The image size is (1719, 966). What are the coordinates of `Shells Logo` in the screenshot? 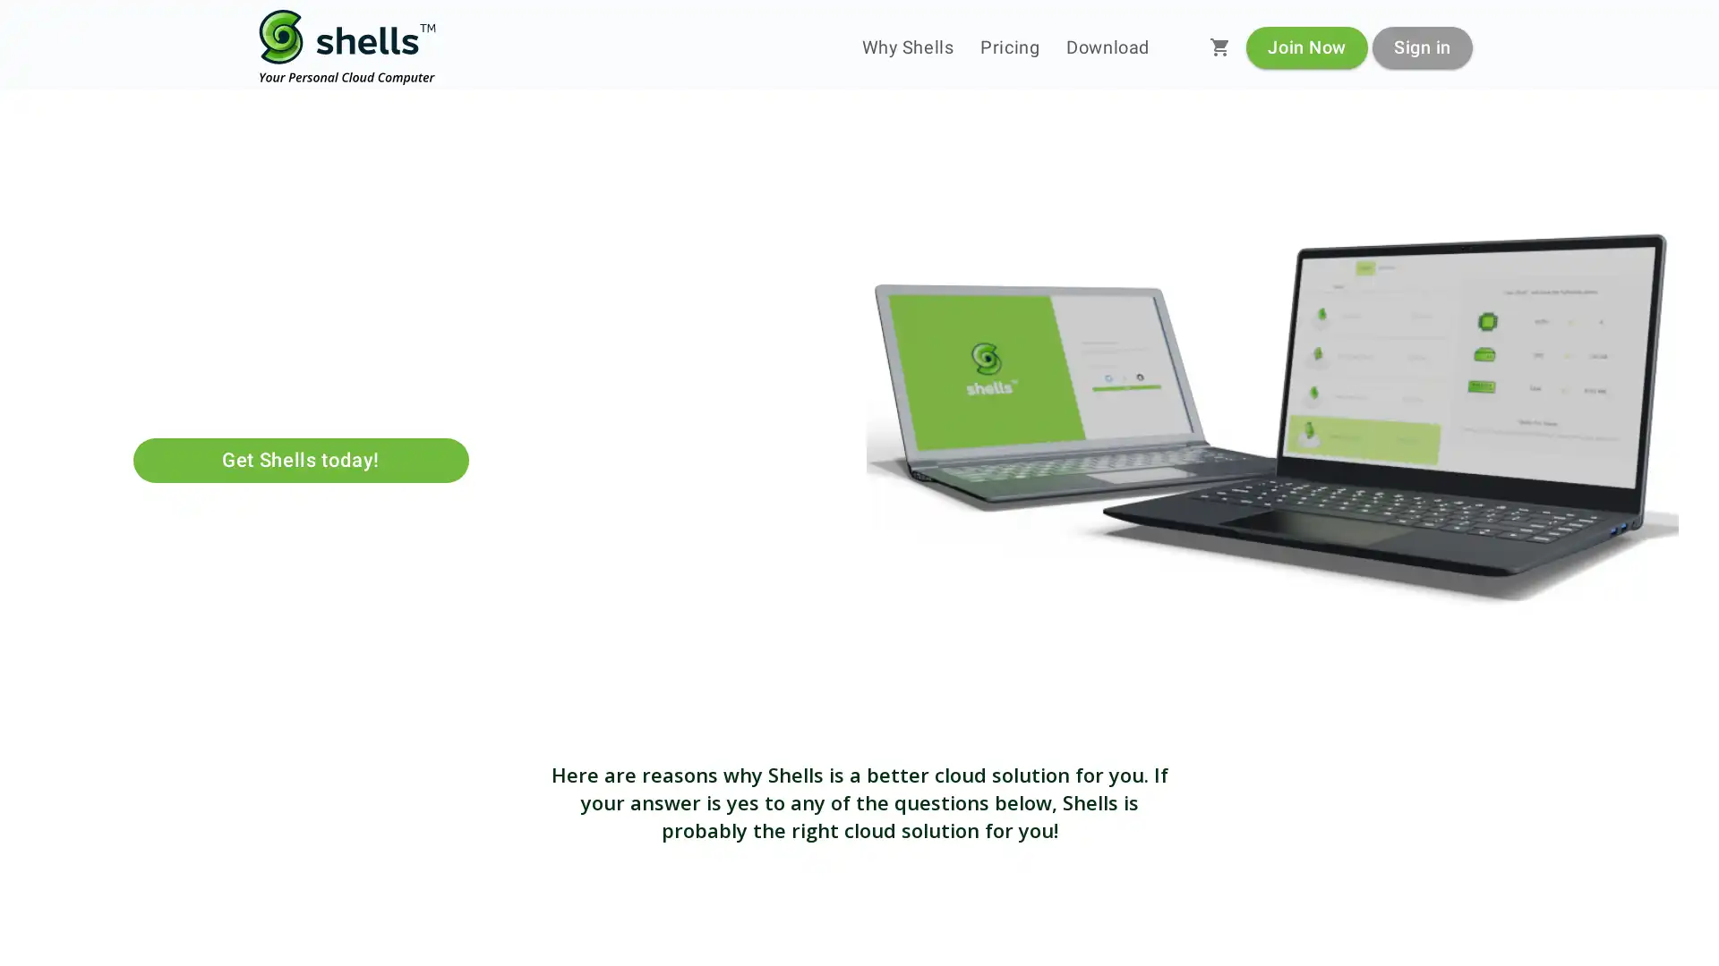 It's located at (347, 47).